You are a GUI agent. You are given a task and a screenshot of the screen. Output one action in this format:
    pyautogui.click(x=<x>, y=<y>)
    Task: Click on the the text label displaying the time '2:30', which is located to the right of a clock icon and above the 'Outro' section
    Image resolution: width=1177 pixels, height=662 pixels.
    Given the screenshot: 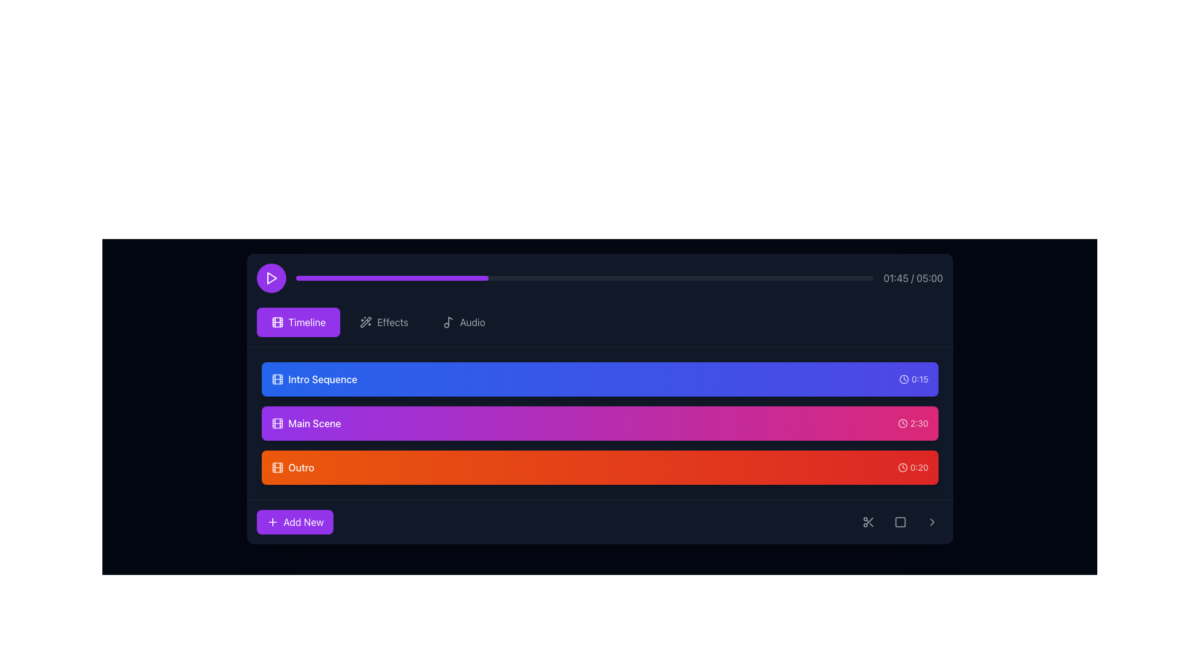 What is the action you would take?
    pyautogui.click(x=919, y=422)
    